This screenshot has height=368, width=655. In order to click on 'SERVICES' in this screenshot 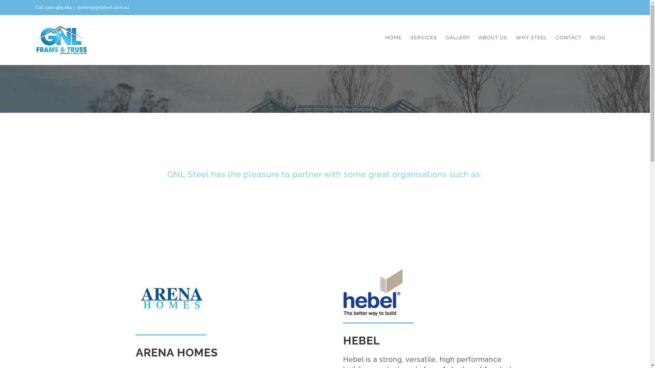, I will do `click(423, 37)`.